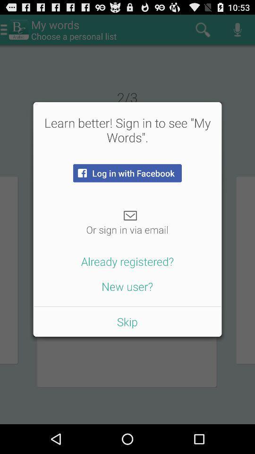  I want to click on already registered? icon, so click(127, 261).